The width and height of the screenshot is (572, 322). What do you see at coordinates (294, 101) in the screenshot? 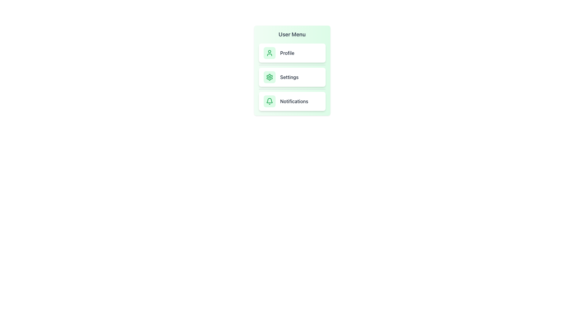
I see `the 'Notifications' text label which serves as a label for the corresponding menu option, positioned at the bottom of a vertical list in the user menu` at bounding box center [294, 101].